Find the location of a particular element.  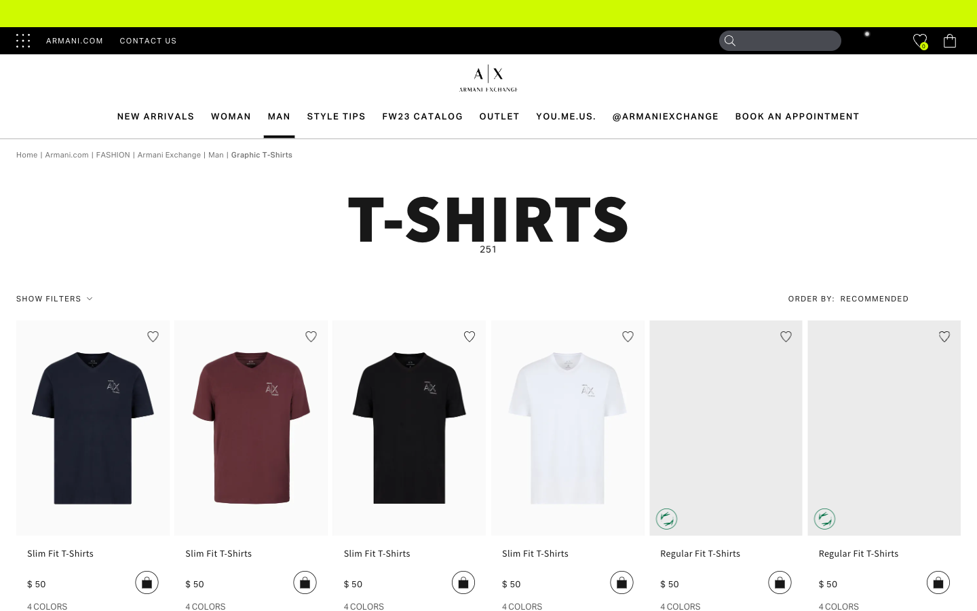

other colors for the last T-shirt is located at coordinates (838, 606).